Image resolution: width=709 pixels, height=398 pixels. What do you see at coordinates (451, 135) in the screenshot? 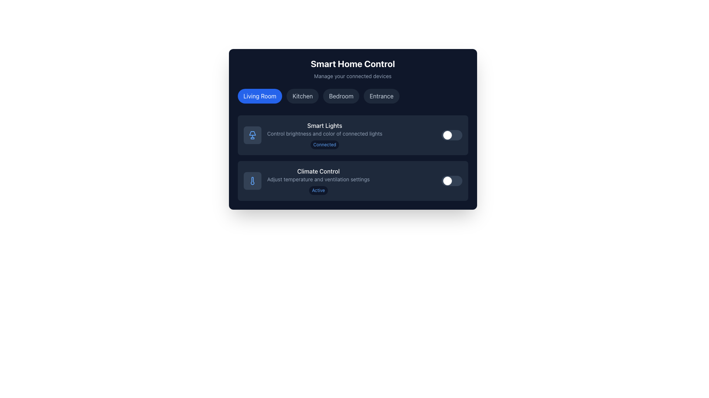
I see `the toggle switch for the 'Smart Lights' control section, which is styled with a dark theme and has a dark blue background with a white circular handle in the off state` at bounding box center [451, 135].